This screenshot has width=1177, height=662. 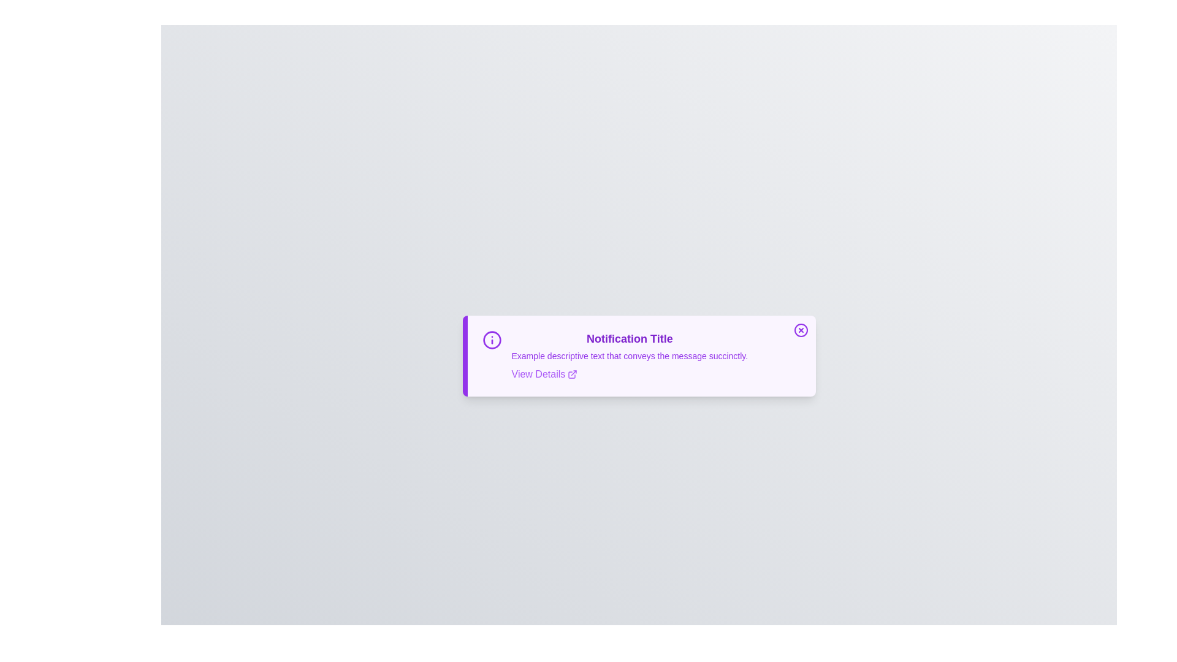 I want to click on the close button of the notification alert, so click(x=801, y=330).